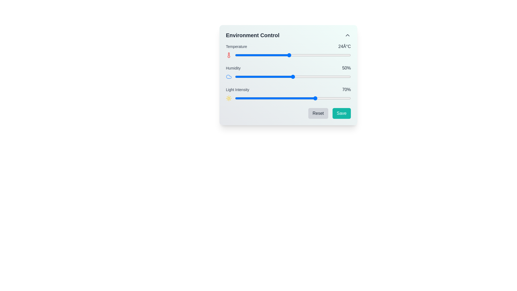 Image resolution: width=517 pixels, height=291 pixels. What do you see at coordinates (262, 77) in the screenshot?
I see `the humidity level` at bounding box center [262, 77].